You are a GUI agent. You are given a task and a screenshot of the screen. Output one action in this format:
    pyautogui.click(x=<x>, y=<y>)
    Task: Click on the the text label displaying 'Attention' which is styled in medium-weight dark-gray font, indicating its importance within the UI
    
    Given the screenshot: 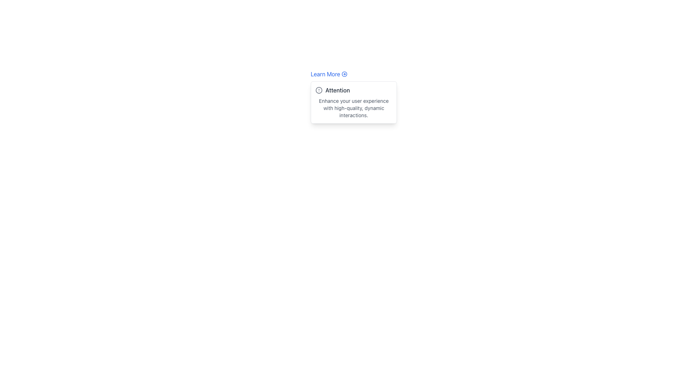 What is the action you would take?
    pyautogui.click(x=337, y=90)
    